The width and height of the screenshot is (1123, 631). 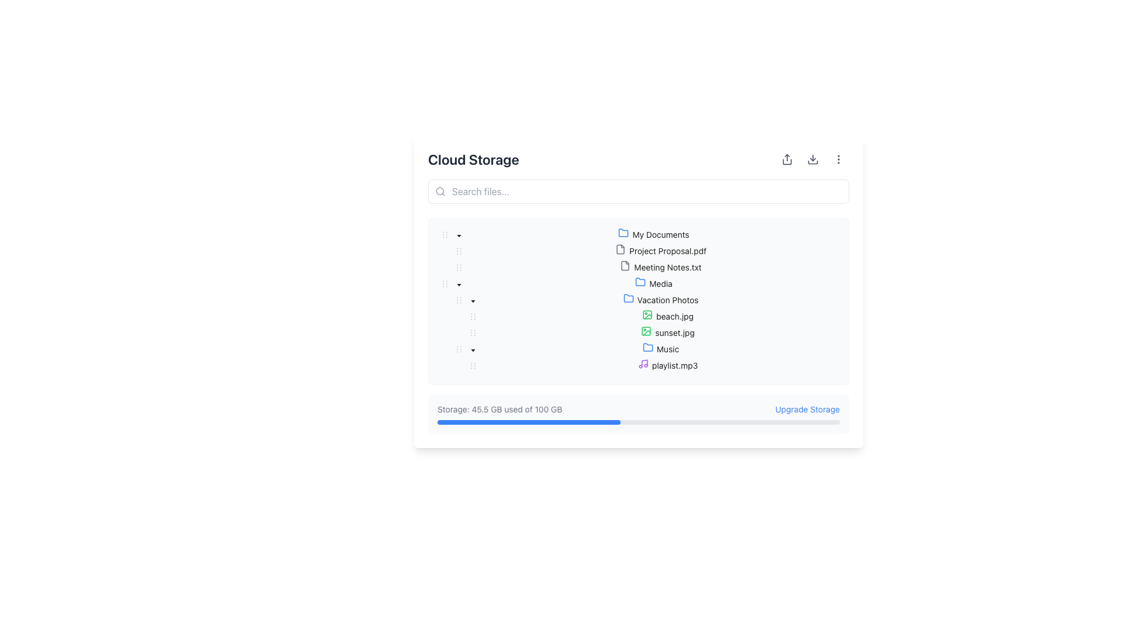 What do you see at coordinates (640, 282) in the screenshot?
I see `the blue-tinted folder icon located next to the 'Media' label` at bounding box center [640, 282].